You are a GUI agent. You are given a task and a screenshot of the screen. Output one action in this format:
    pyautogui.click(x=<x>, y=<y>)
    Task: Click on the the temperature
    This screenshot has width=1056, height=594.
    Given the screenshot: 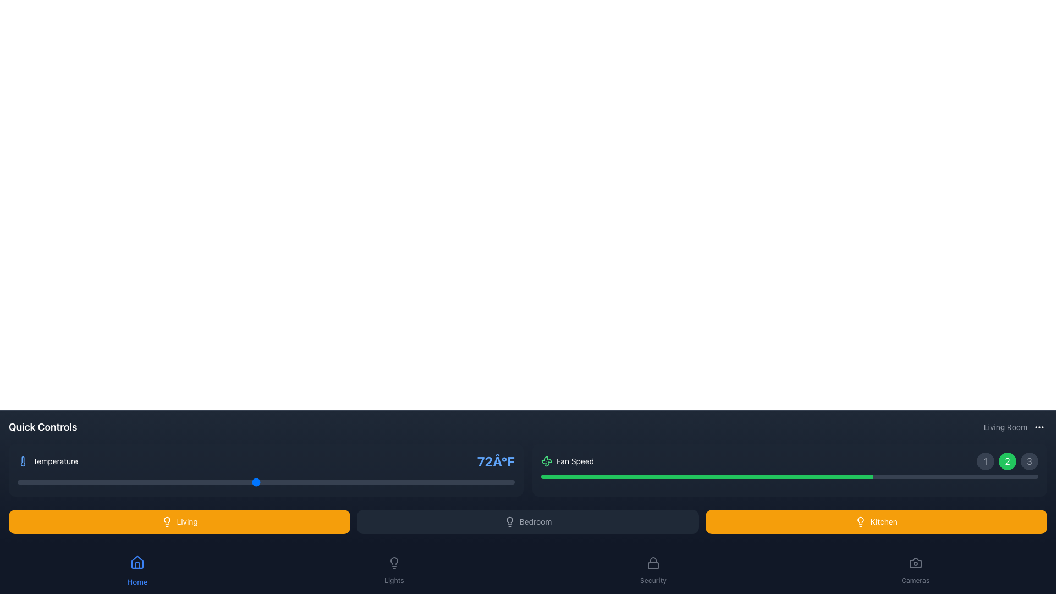 What is the action you would take?
    pyautogui.click(x=475, y=481)
    